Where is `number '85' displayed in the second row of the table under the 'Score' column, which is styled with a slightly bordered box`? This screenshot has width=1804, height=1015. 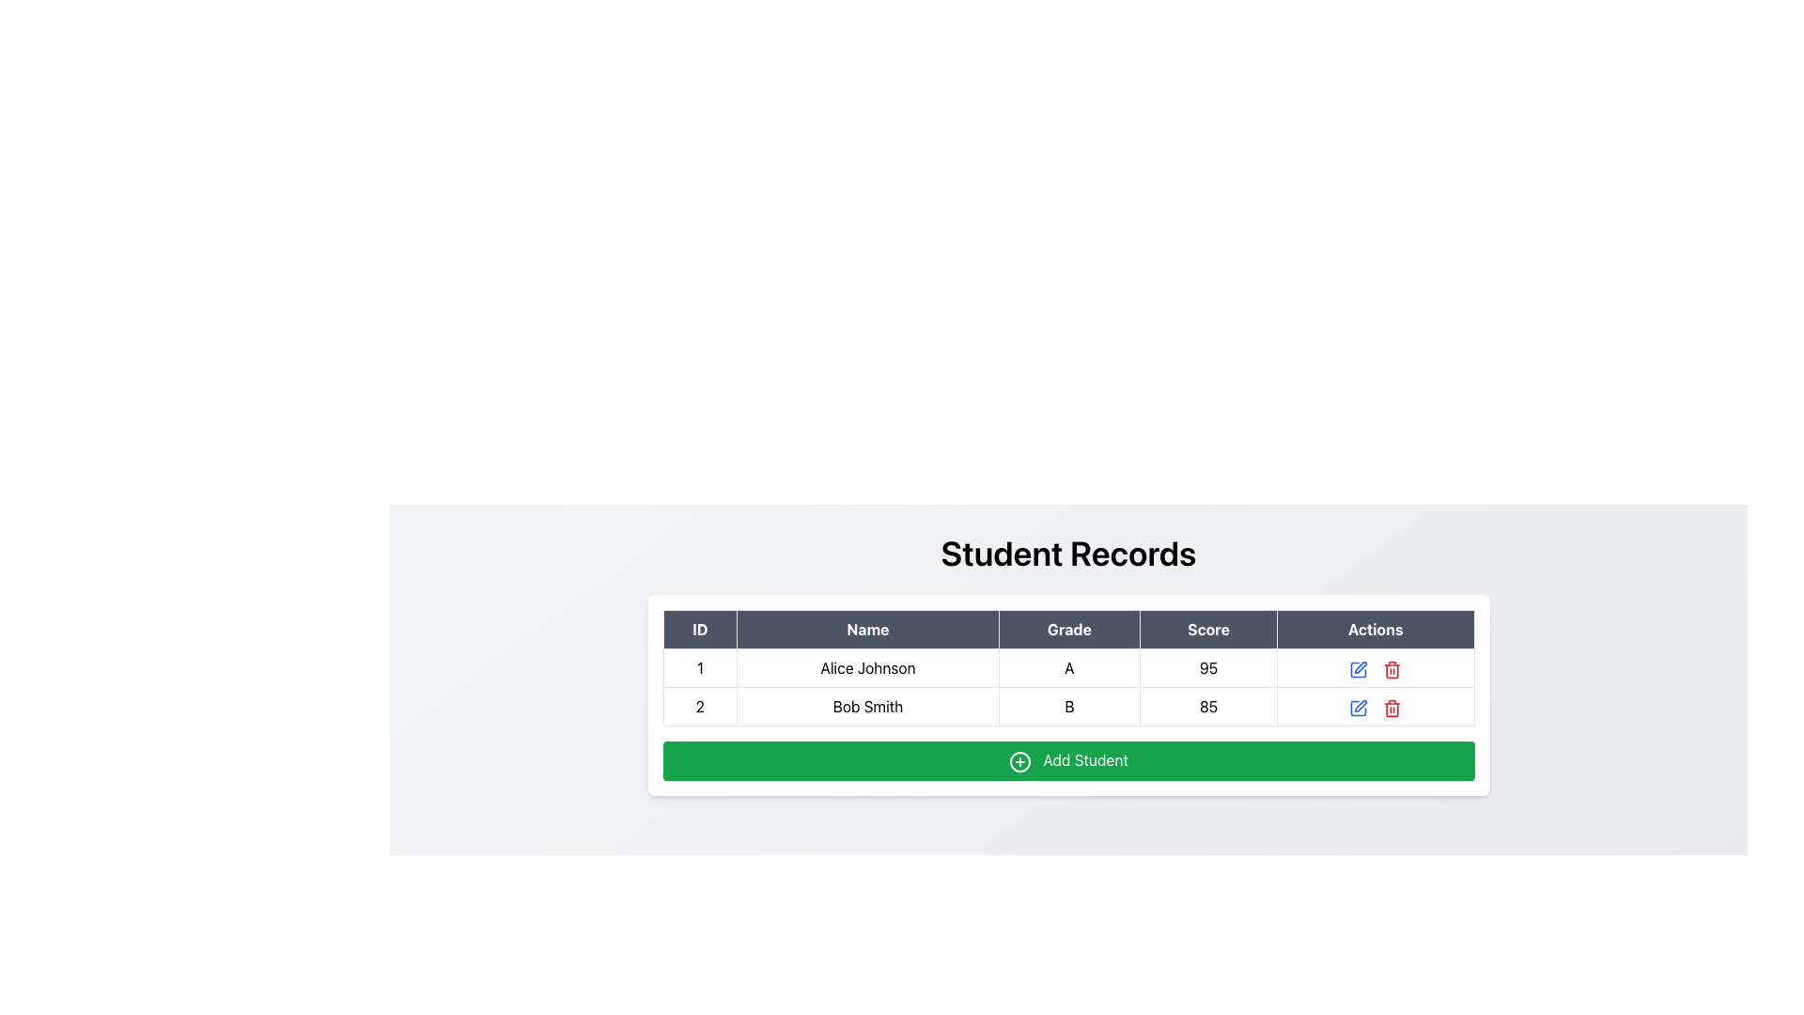
number '85' displayed in the second row of the table under the 'Score' column, which is styled with a slightly bordered box is located at coordinates (1208, 707).